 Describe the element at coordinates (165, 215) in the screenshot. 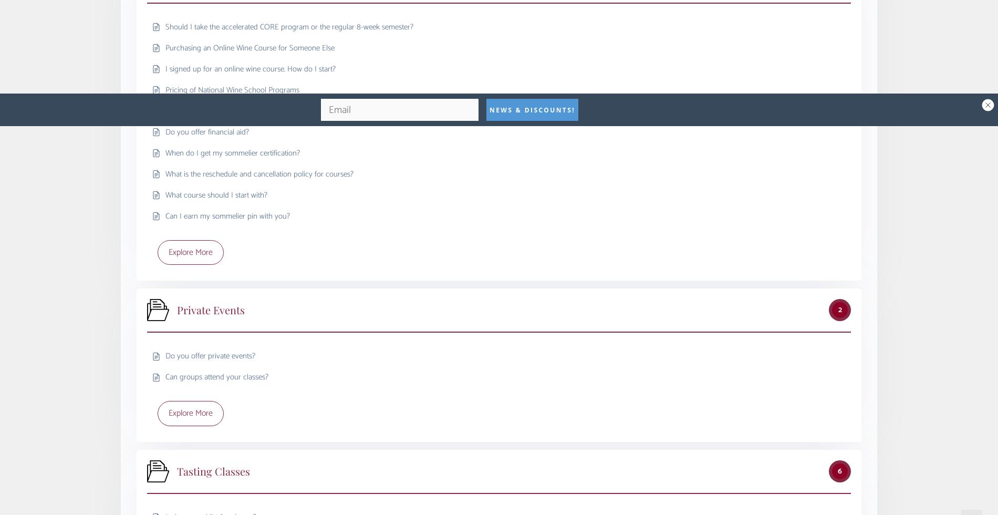

I see `'Can I earn my sommelier pin with you?'` at that location.